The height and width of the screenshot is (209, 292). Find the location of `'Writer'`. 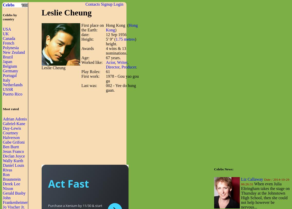

'Writer' is located at coordinates (122, 62).